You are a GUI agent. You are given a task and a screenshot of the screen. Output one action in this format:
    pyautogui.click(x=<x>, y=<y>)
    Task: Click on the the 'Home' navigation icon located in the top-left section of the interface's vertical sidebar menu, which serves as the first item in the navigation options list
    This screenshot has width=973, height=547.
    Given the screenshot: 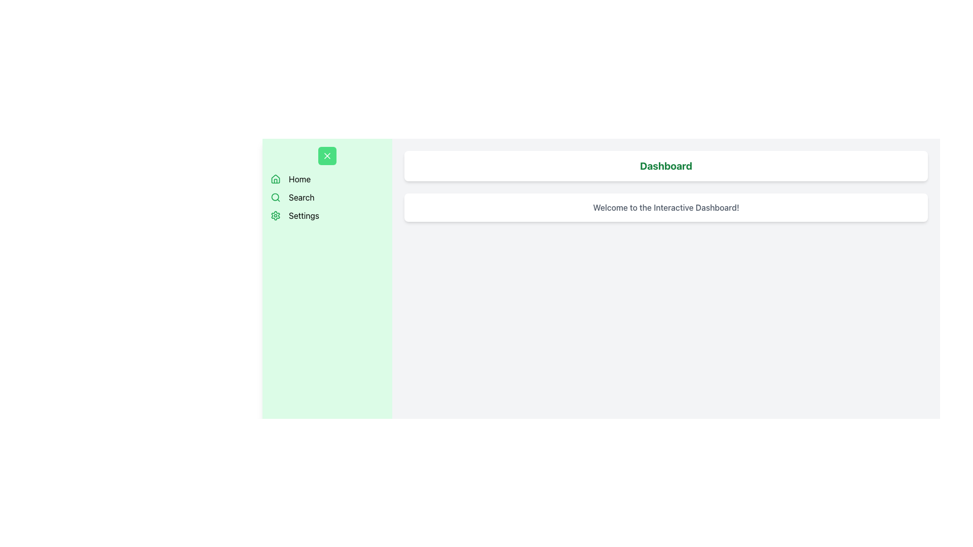 What is the action you would take?
    pyautogui.click(x=275, y=179)
    